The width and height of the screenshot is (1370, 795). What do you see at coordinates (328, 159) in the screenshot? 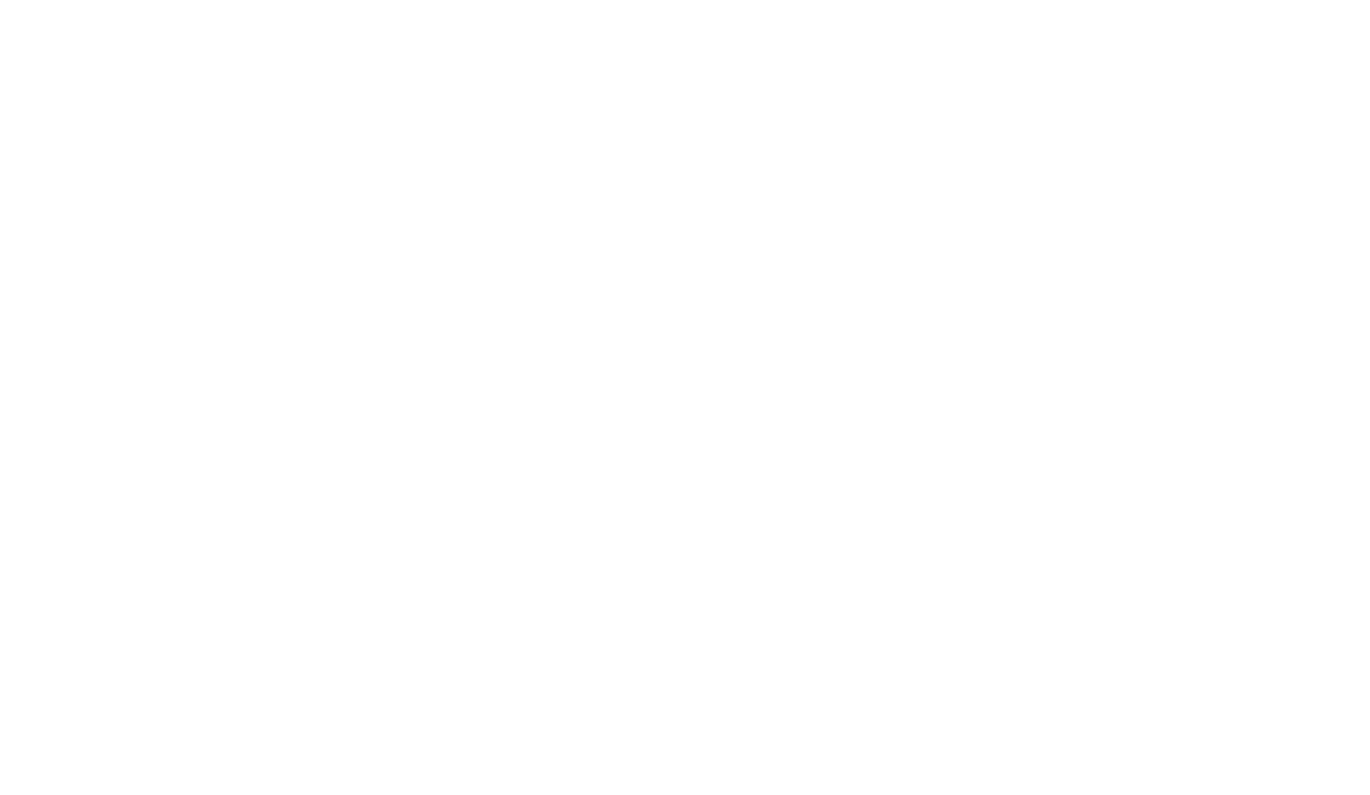
I see `'Tenerife'` at bounding box center [328, 159].